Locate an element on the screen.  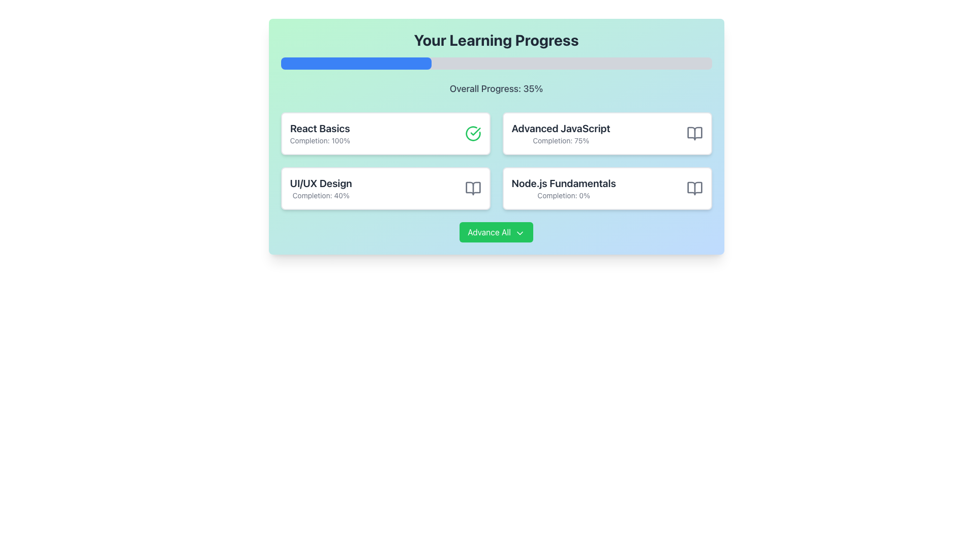
text block that displays 'UI/UX Design' and 'Completion: 40%' located below 'Your Learning Progress' in the second card under 'React Basics' is located at coordinates (320, 188).